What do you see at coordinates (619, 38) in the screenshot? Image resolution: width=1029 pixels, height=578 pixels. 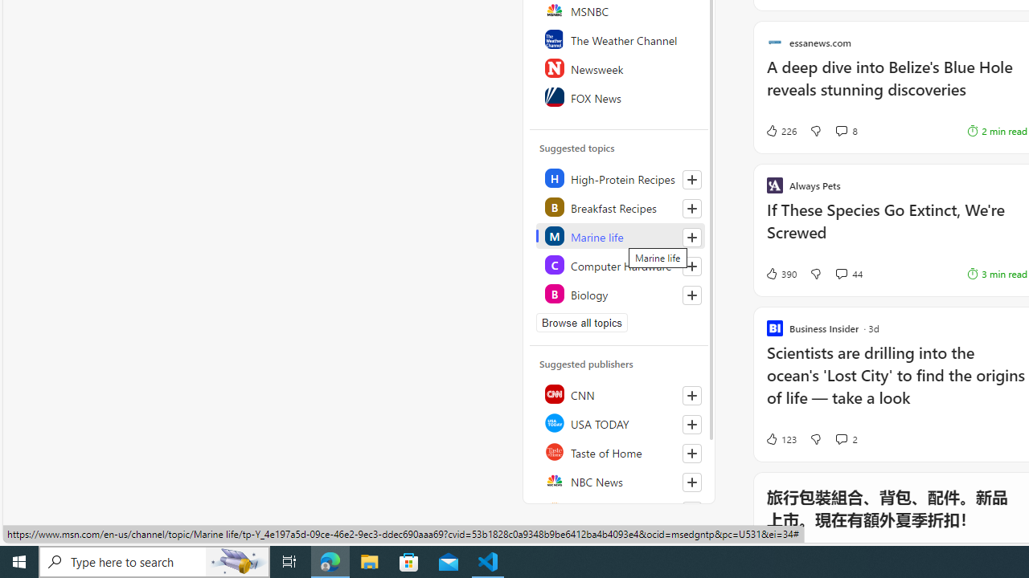 I see `'The Weather Channel'` at bounding box center [619, 38].